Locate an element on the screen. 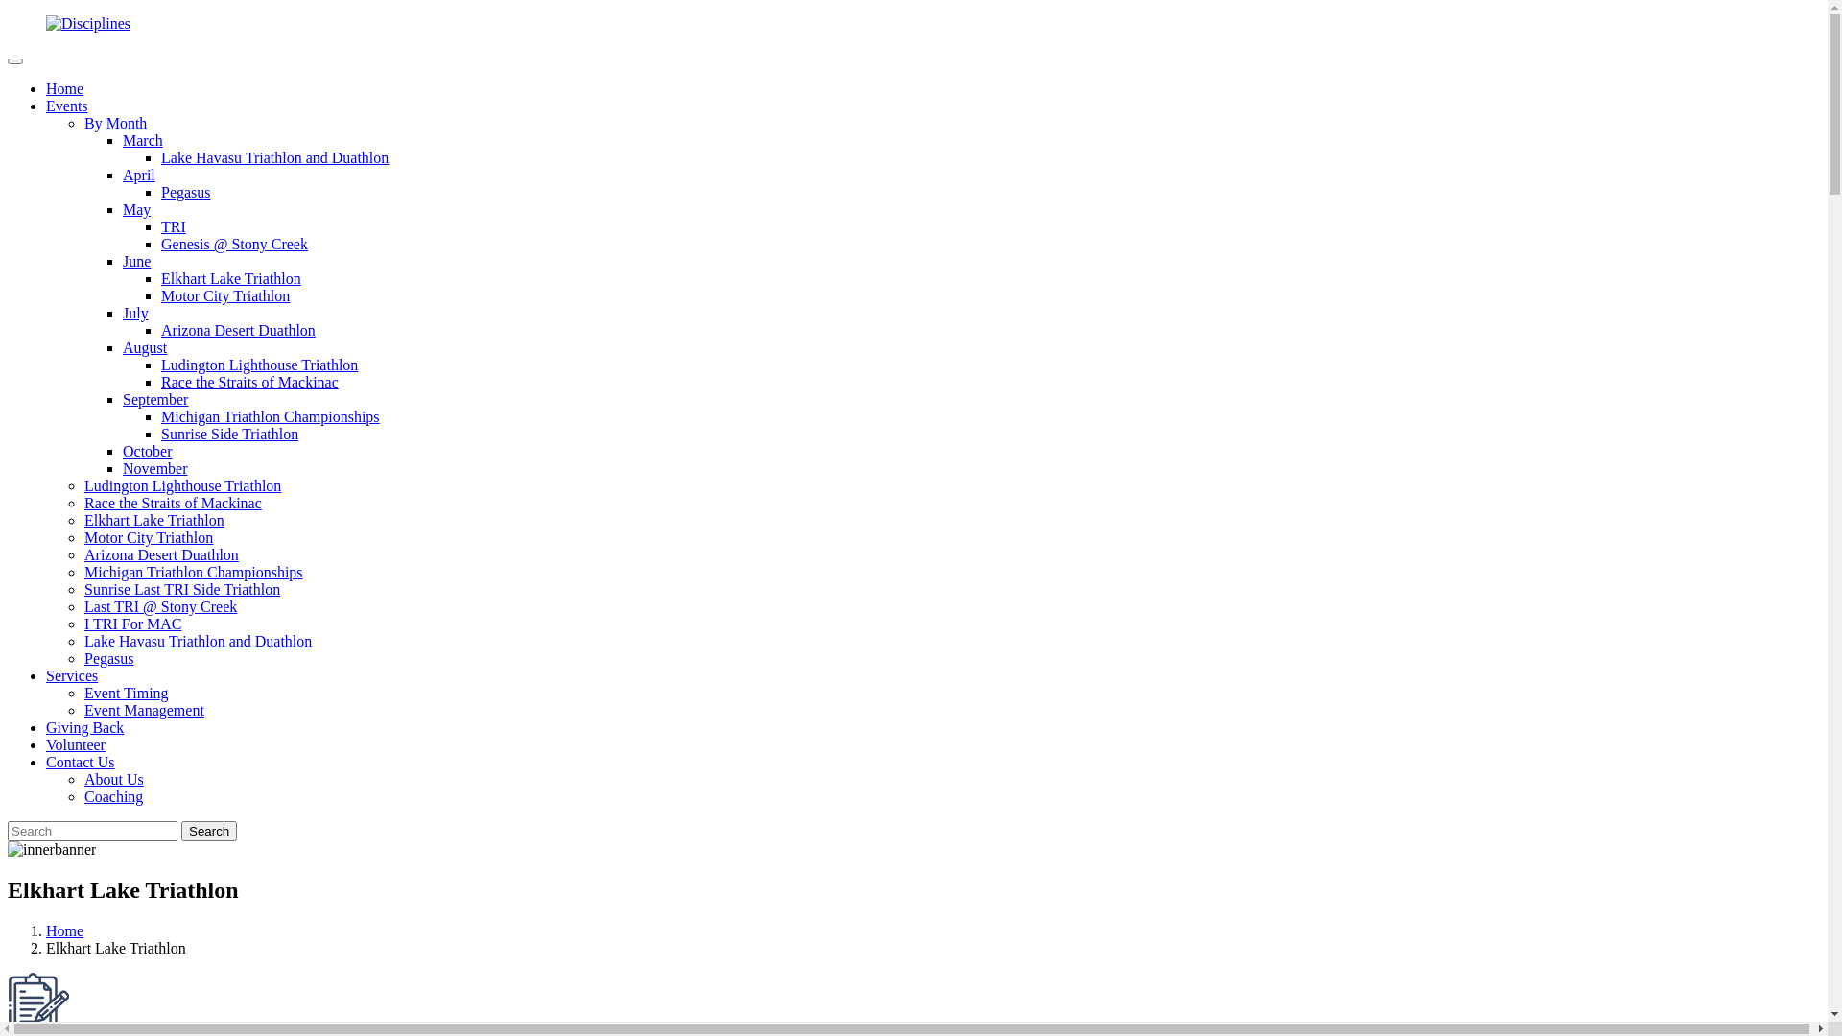  'TRI' is located at coordinates (174, 225).